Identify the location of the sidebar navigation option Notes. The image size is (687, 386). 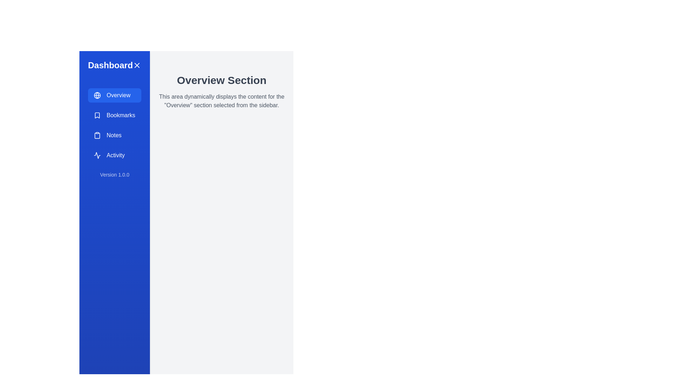
(114, 135).